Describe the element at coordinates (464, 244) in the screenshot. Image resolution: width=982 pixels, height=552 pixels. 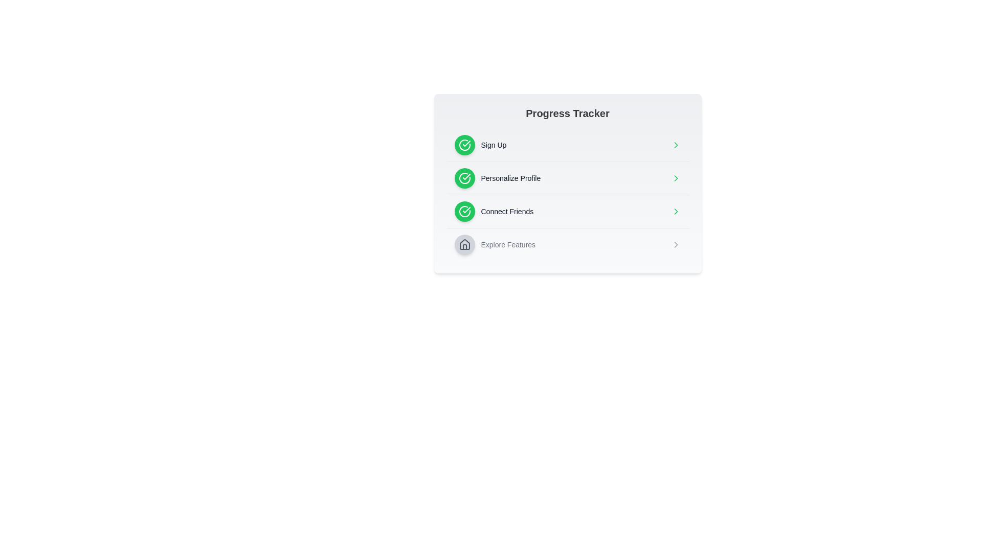
I see `the Icon Button that visually indicates the 'Explore Features' list item, located in the lower-left corner of the progress tracker interface` at that location.